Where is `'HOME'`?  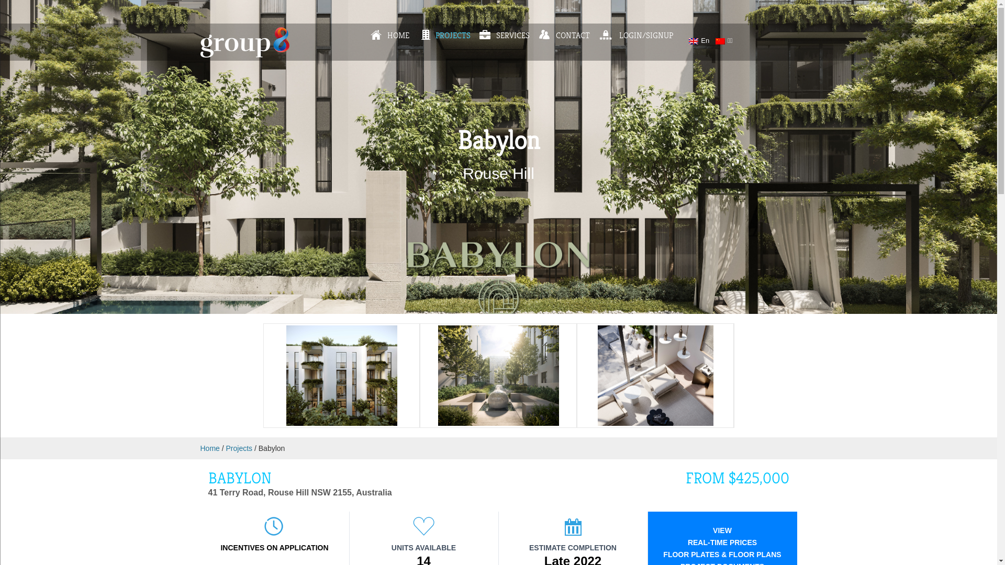 'HOME' is located at coordinates (389, 35).